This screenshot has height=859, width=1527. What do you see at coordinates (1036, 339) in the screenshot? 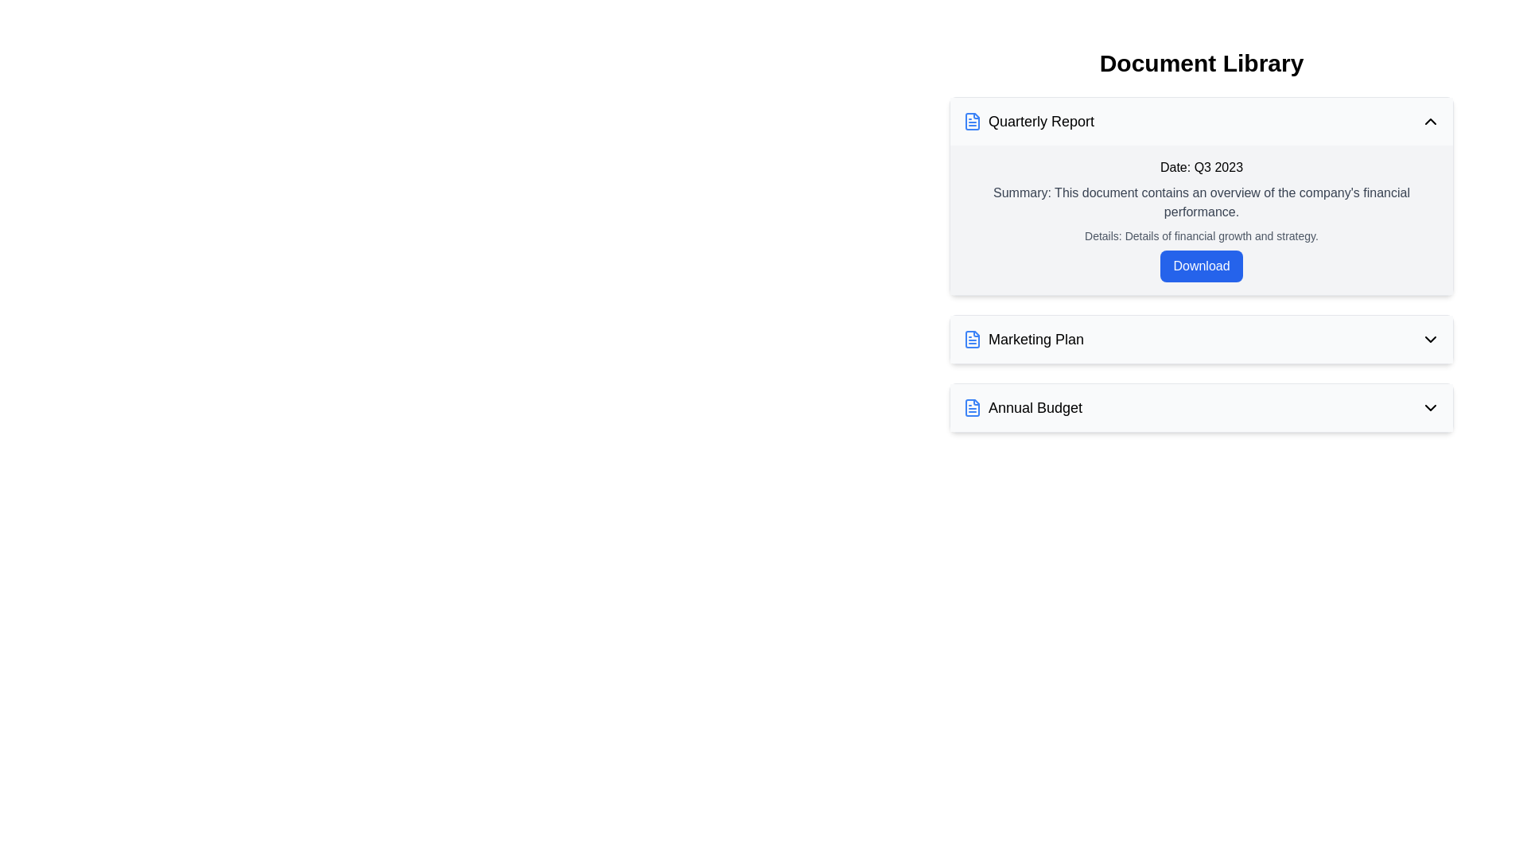
I see `the Text Label that identifies the 'Marketing Plan', which is positioned after the file icon and centrally aligned vertically with it` at bounding box center [1036, 339].